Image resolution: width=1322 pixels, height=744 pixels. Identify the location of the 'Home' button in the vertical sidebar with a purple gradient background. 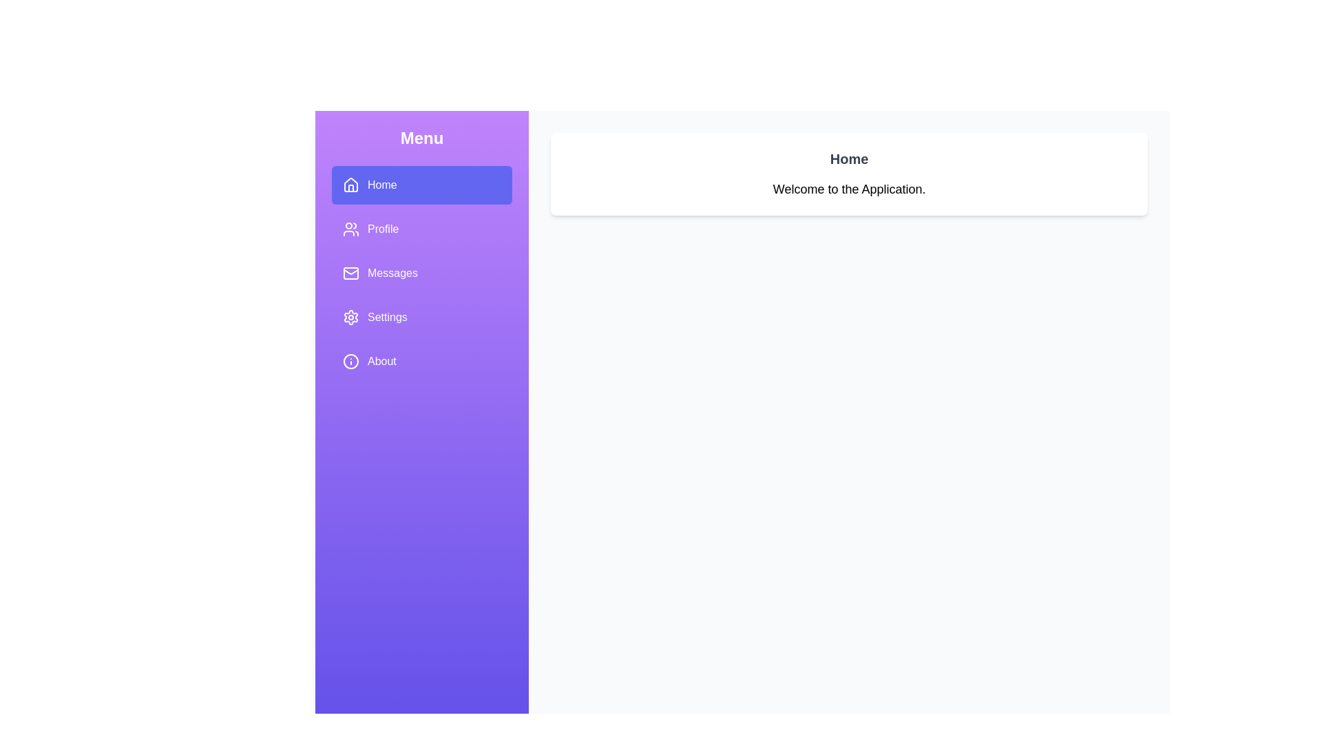
(421, 185).